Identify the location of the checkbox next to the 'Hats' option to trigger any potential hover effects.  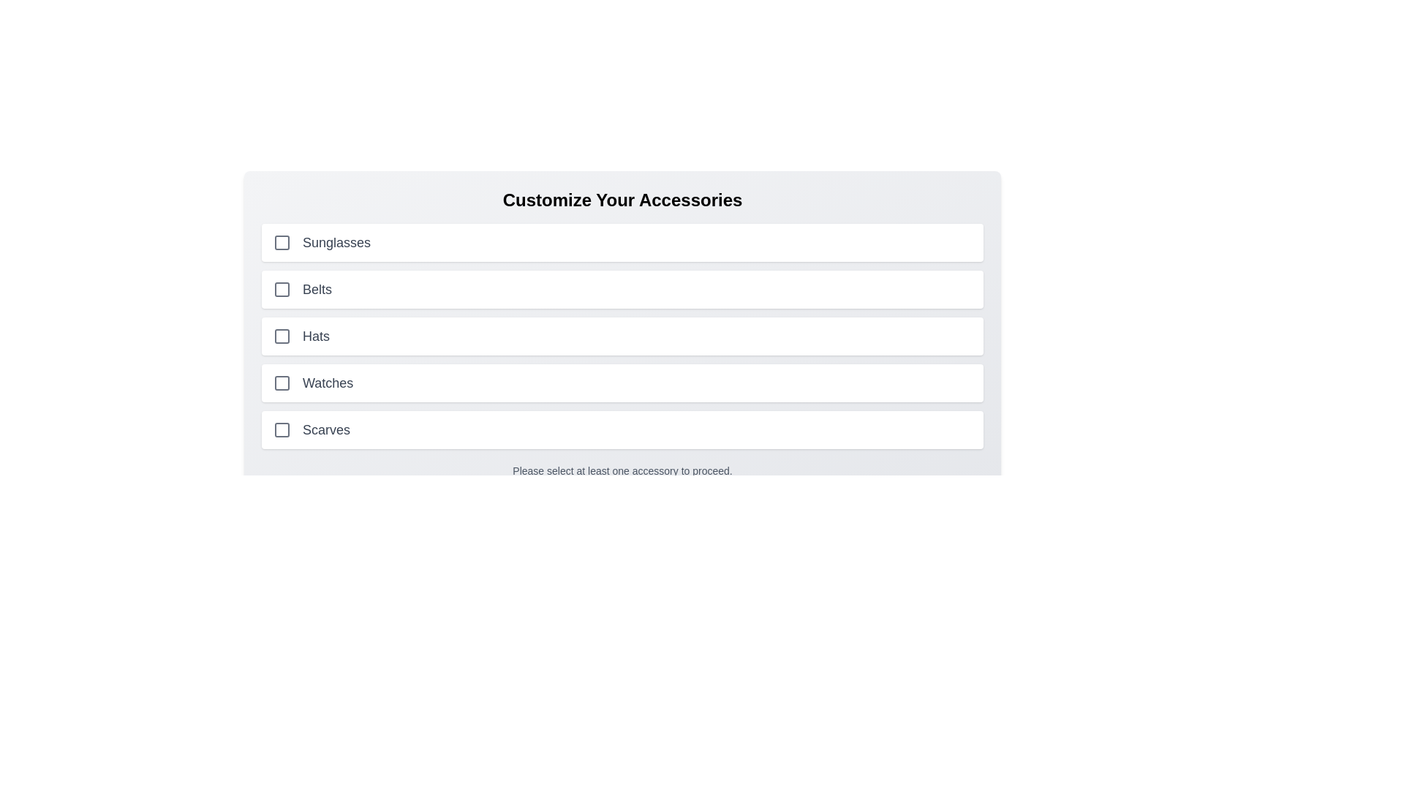
(282, 336).